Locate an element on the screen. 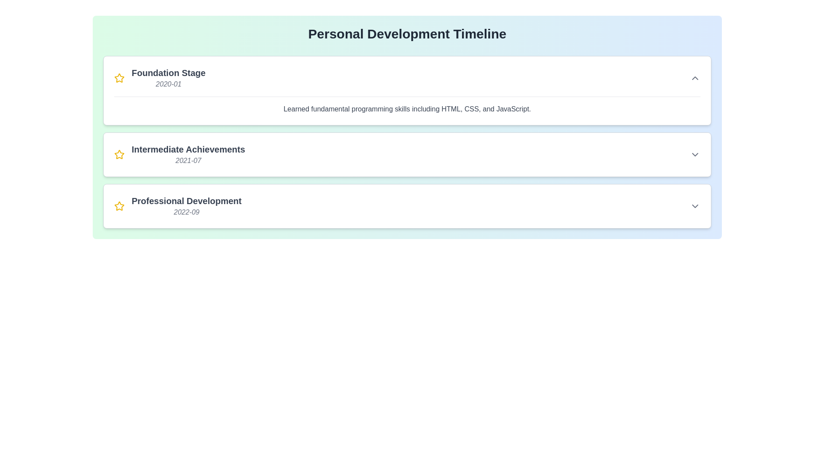  the text display that shows 'Professional Development' and '2022-09' is located at coordinates (186, 206).